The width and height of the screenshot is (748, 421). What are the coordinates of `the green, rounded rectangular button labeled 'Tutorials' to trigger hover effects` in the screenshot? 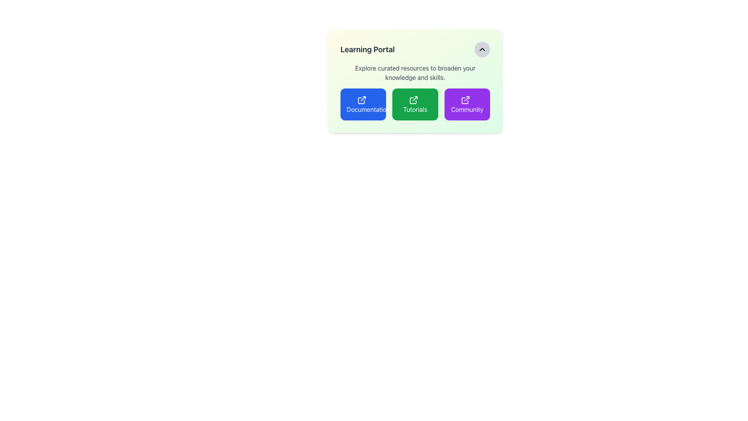 It's located at (415, 103).